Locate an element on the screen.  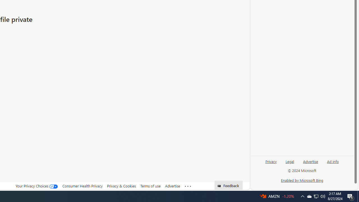
'Your Privacy Choices' is located at coordinates (36, 186).